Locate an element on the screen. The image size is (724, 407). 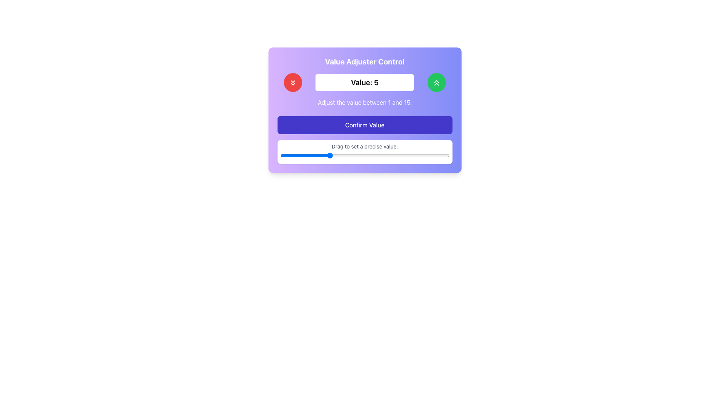
the slider value is located at coordinates (328, 155).